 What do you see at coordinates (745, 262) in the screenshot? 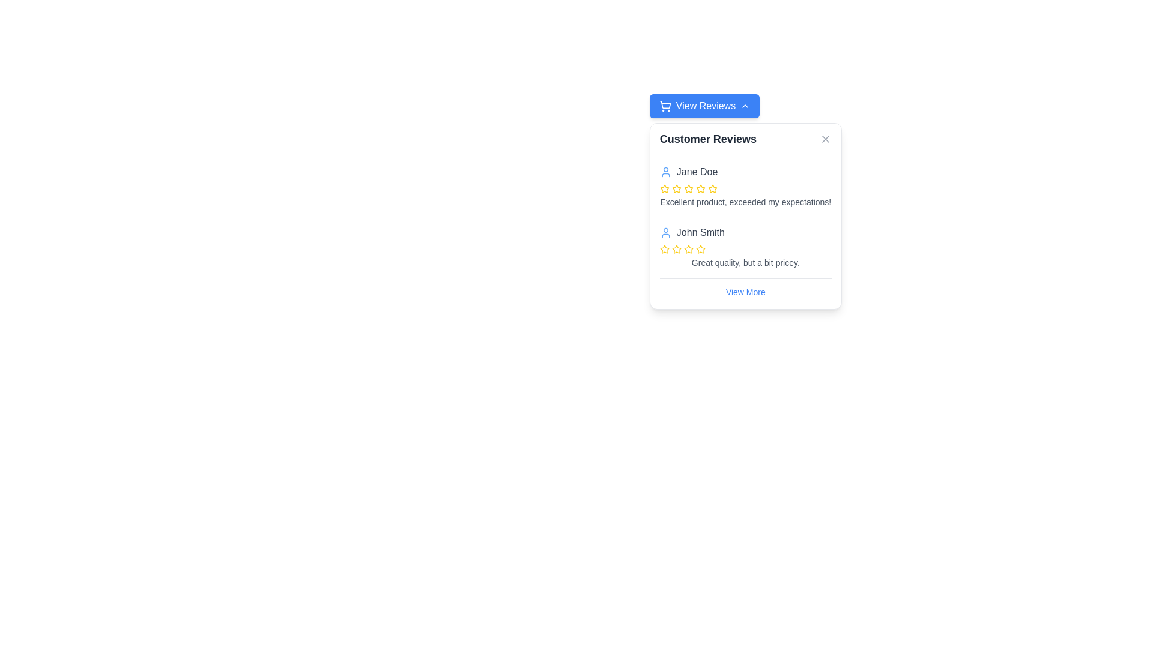
I see `the static text label displaying a user review comment for 'John Smith' in the second review item` at bounding box center [745, 262].